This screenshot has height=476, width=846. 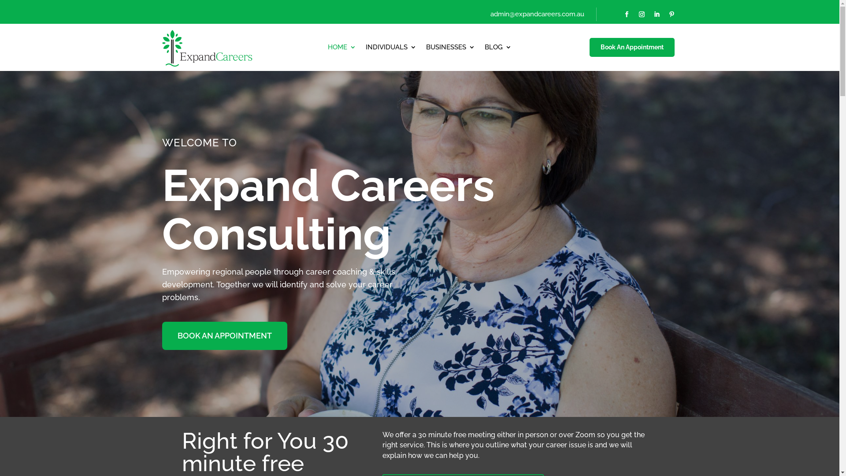 I want to click on 'Follow on LinkedIn', so click(x=656, y=15).